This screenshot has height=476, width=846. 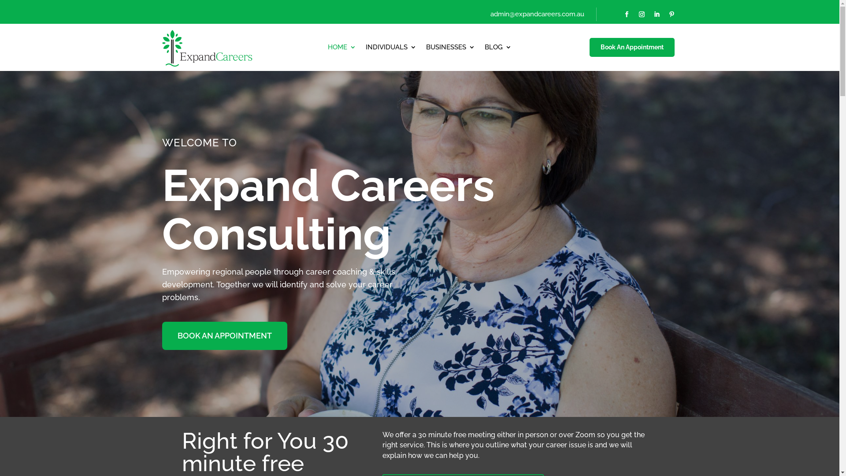 I want to click on 'Follow on LinkedIn', so click(x=656, y=15).